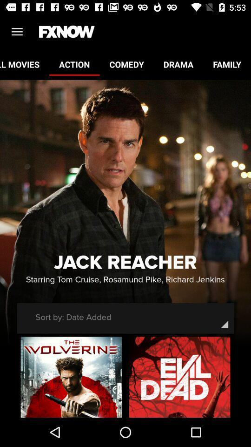 The image size is (251, 447). What do you see at coordinates (17, 32) in the screenshot?
I see `item above all movies icon` at bounding box center [17, 32].